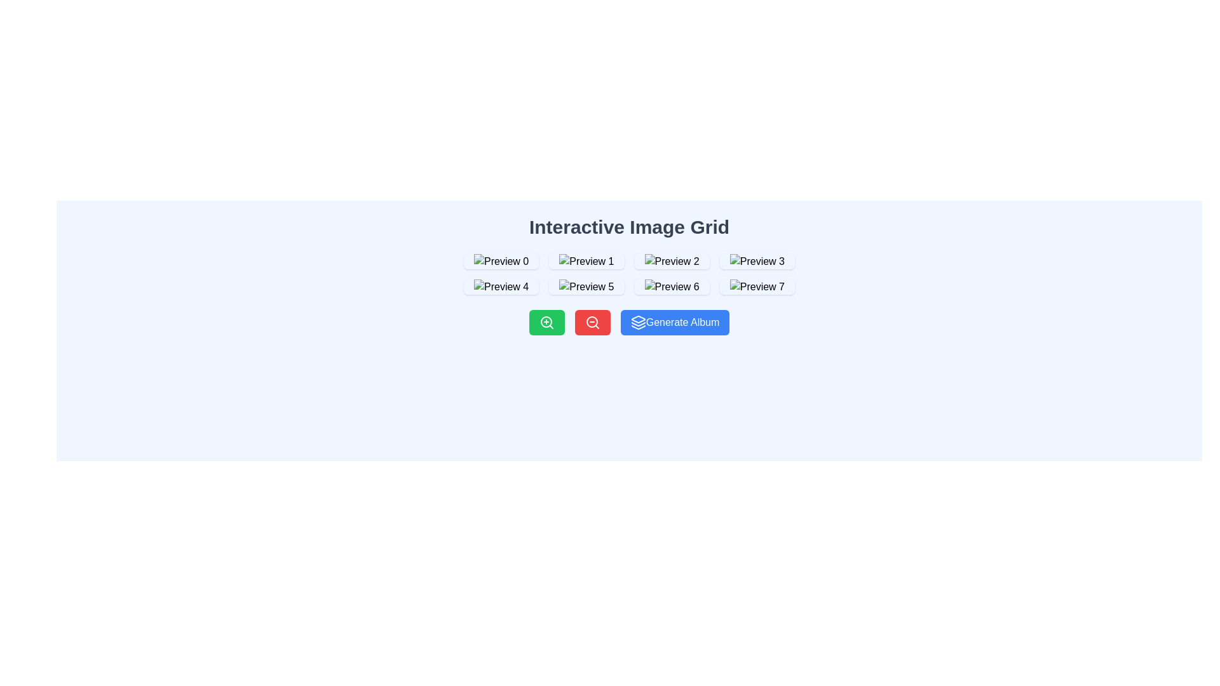 The width and height of the screenshot is (1220, 686). I want to click on the visual card component displaying 'Preview 4', which is the fifth item in a 4x2 grid layout, located in the first column of the second row, so click(501, 286).